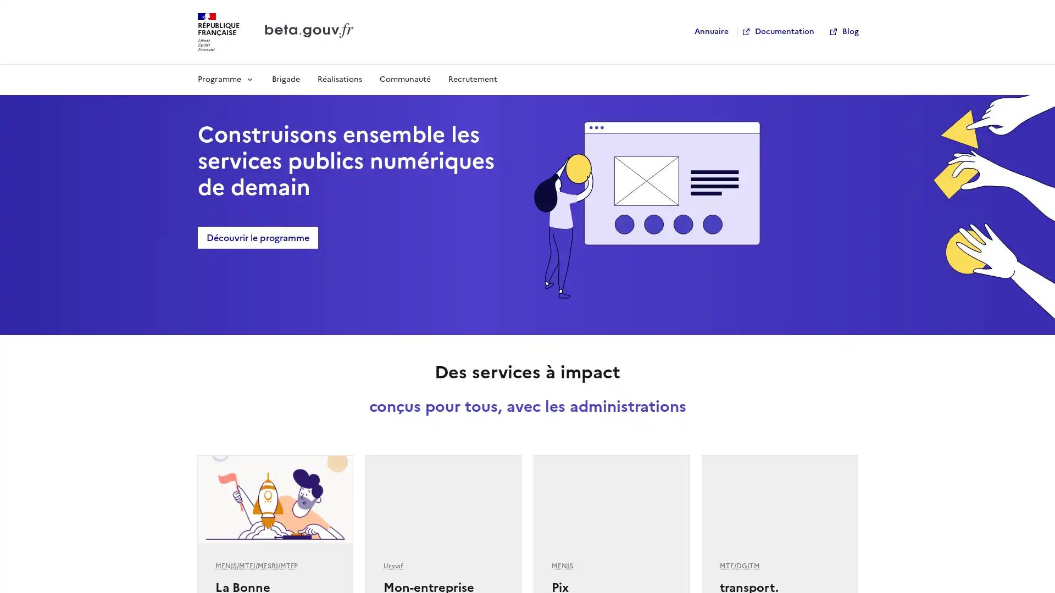 This screenshot has width=1055, height=593. What do you see at coordinates (225, 78) in the screenshot?
I see `Programme` at bounding box center [225, 78].